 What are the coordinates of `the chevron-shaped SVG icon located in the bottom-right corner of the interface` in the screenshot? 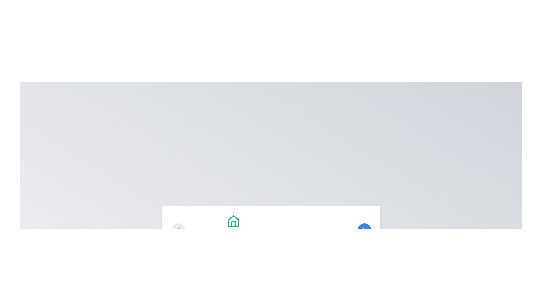 It's located at (364, 230).